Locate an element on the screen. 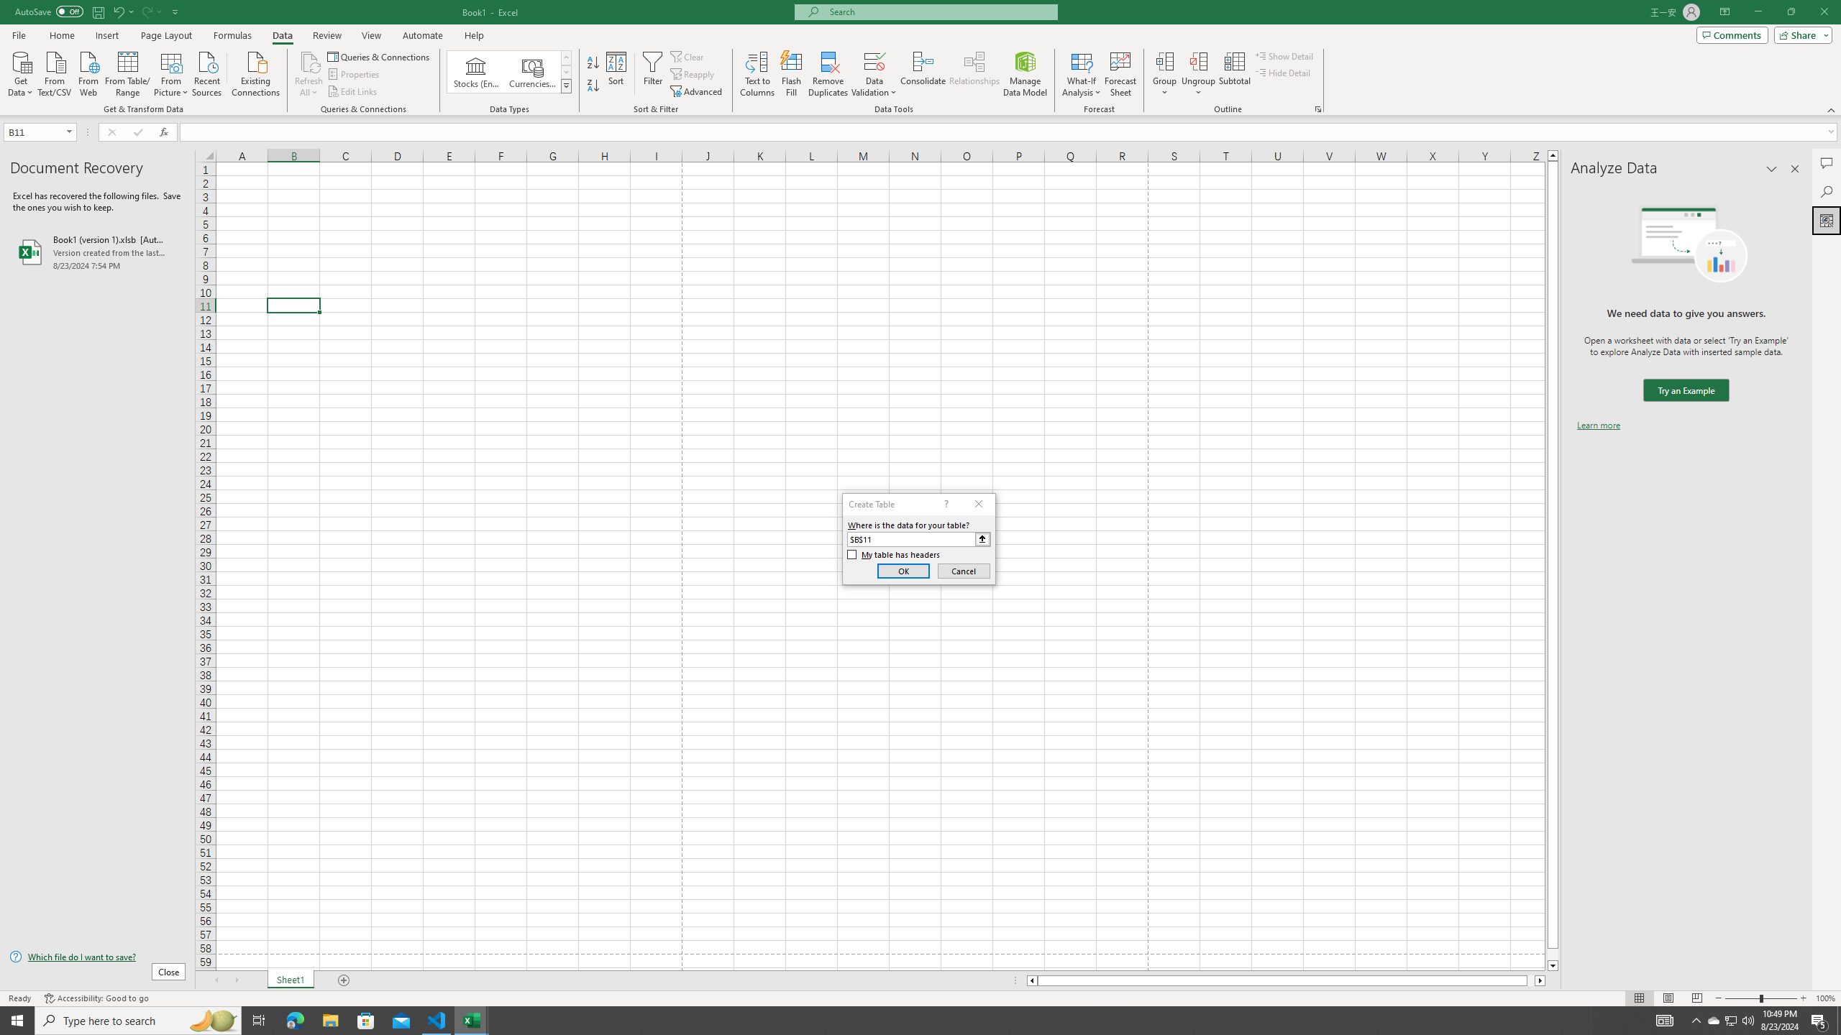 The image size is (1841, 1035). 'AutomationID: ConvertToLinkedEntity' is located at coordinates (510, 71).